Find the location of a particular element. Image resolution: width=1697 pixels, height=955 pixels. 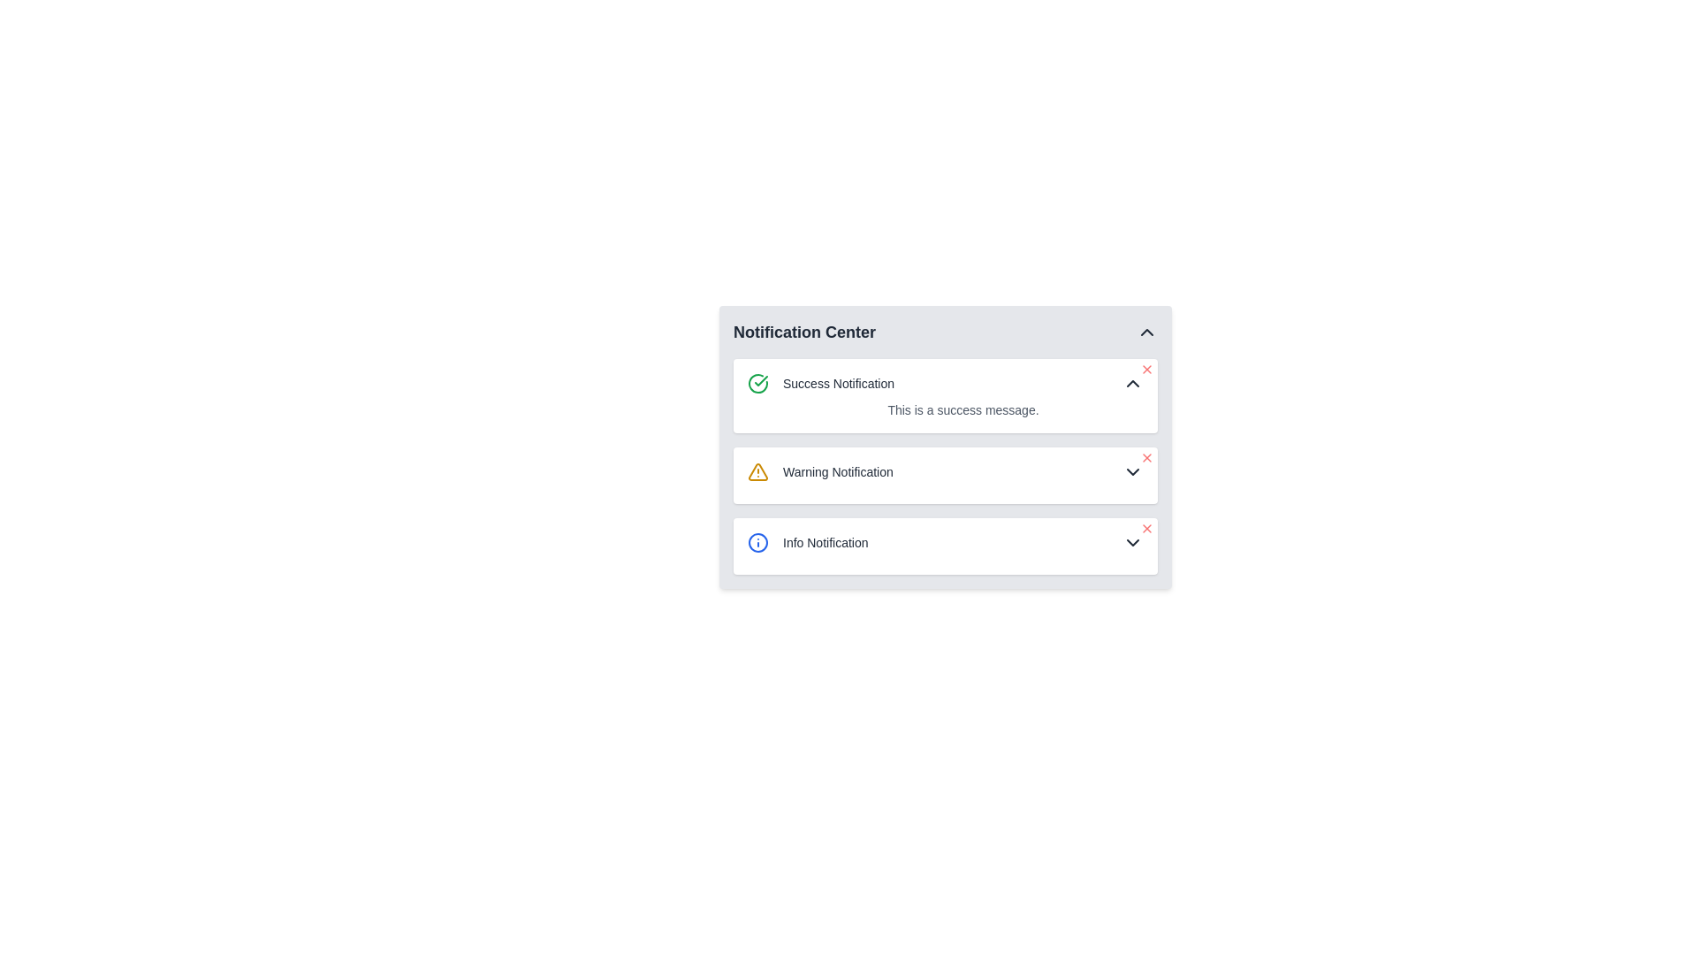

the chevron-up icon in the top-right corner of the 'Notification Center' header is located at coordinates (1146, 332).